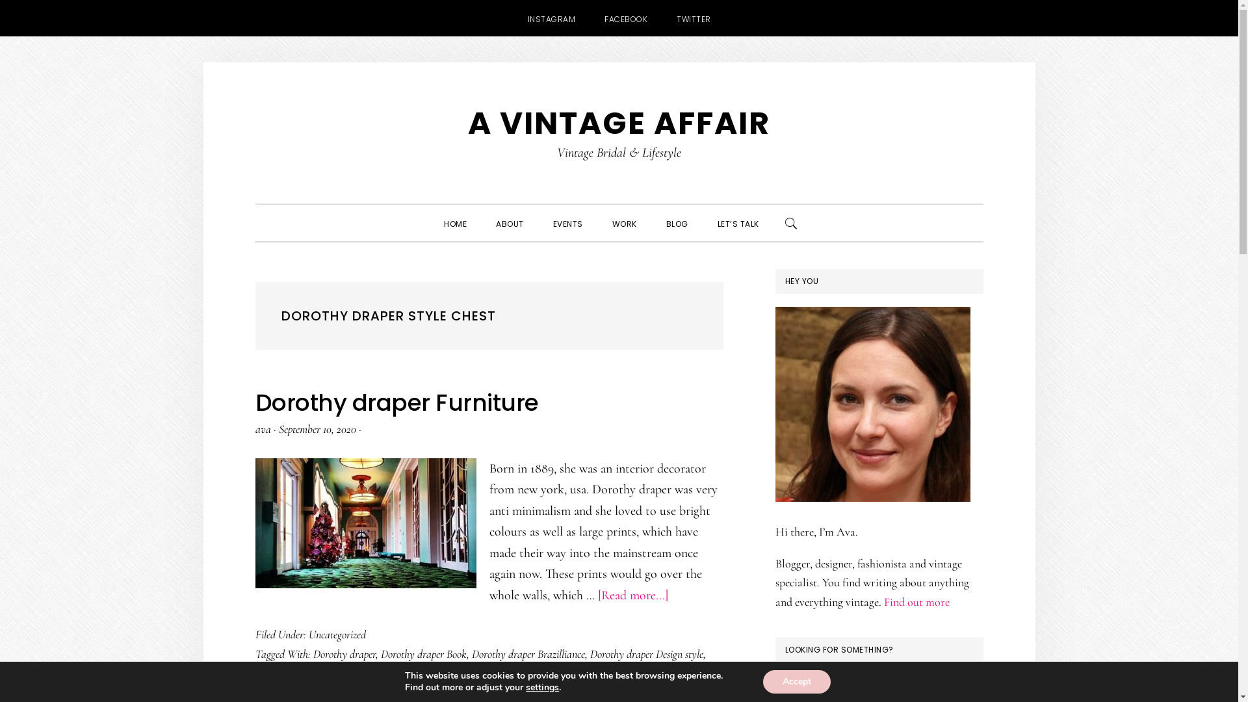 Image resolution: width=1248 pixels, height=702 pixels. I want to click on 'Dorothy draper Furniture', so click(395, 402).